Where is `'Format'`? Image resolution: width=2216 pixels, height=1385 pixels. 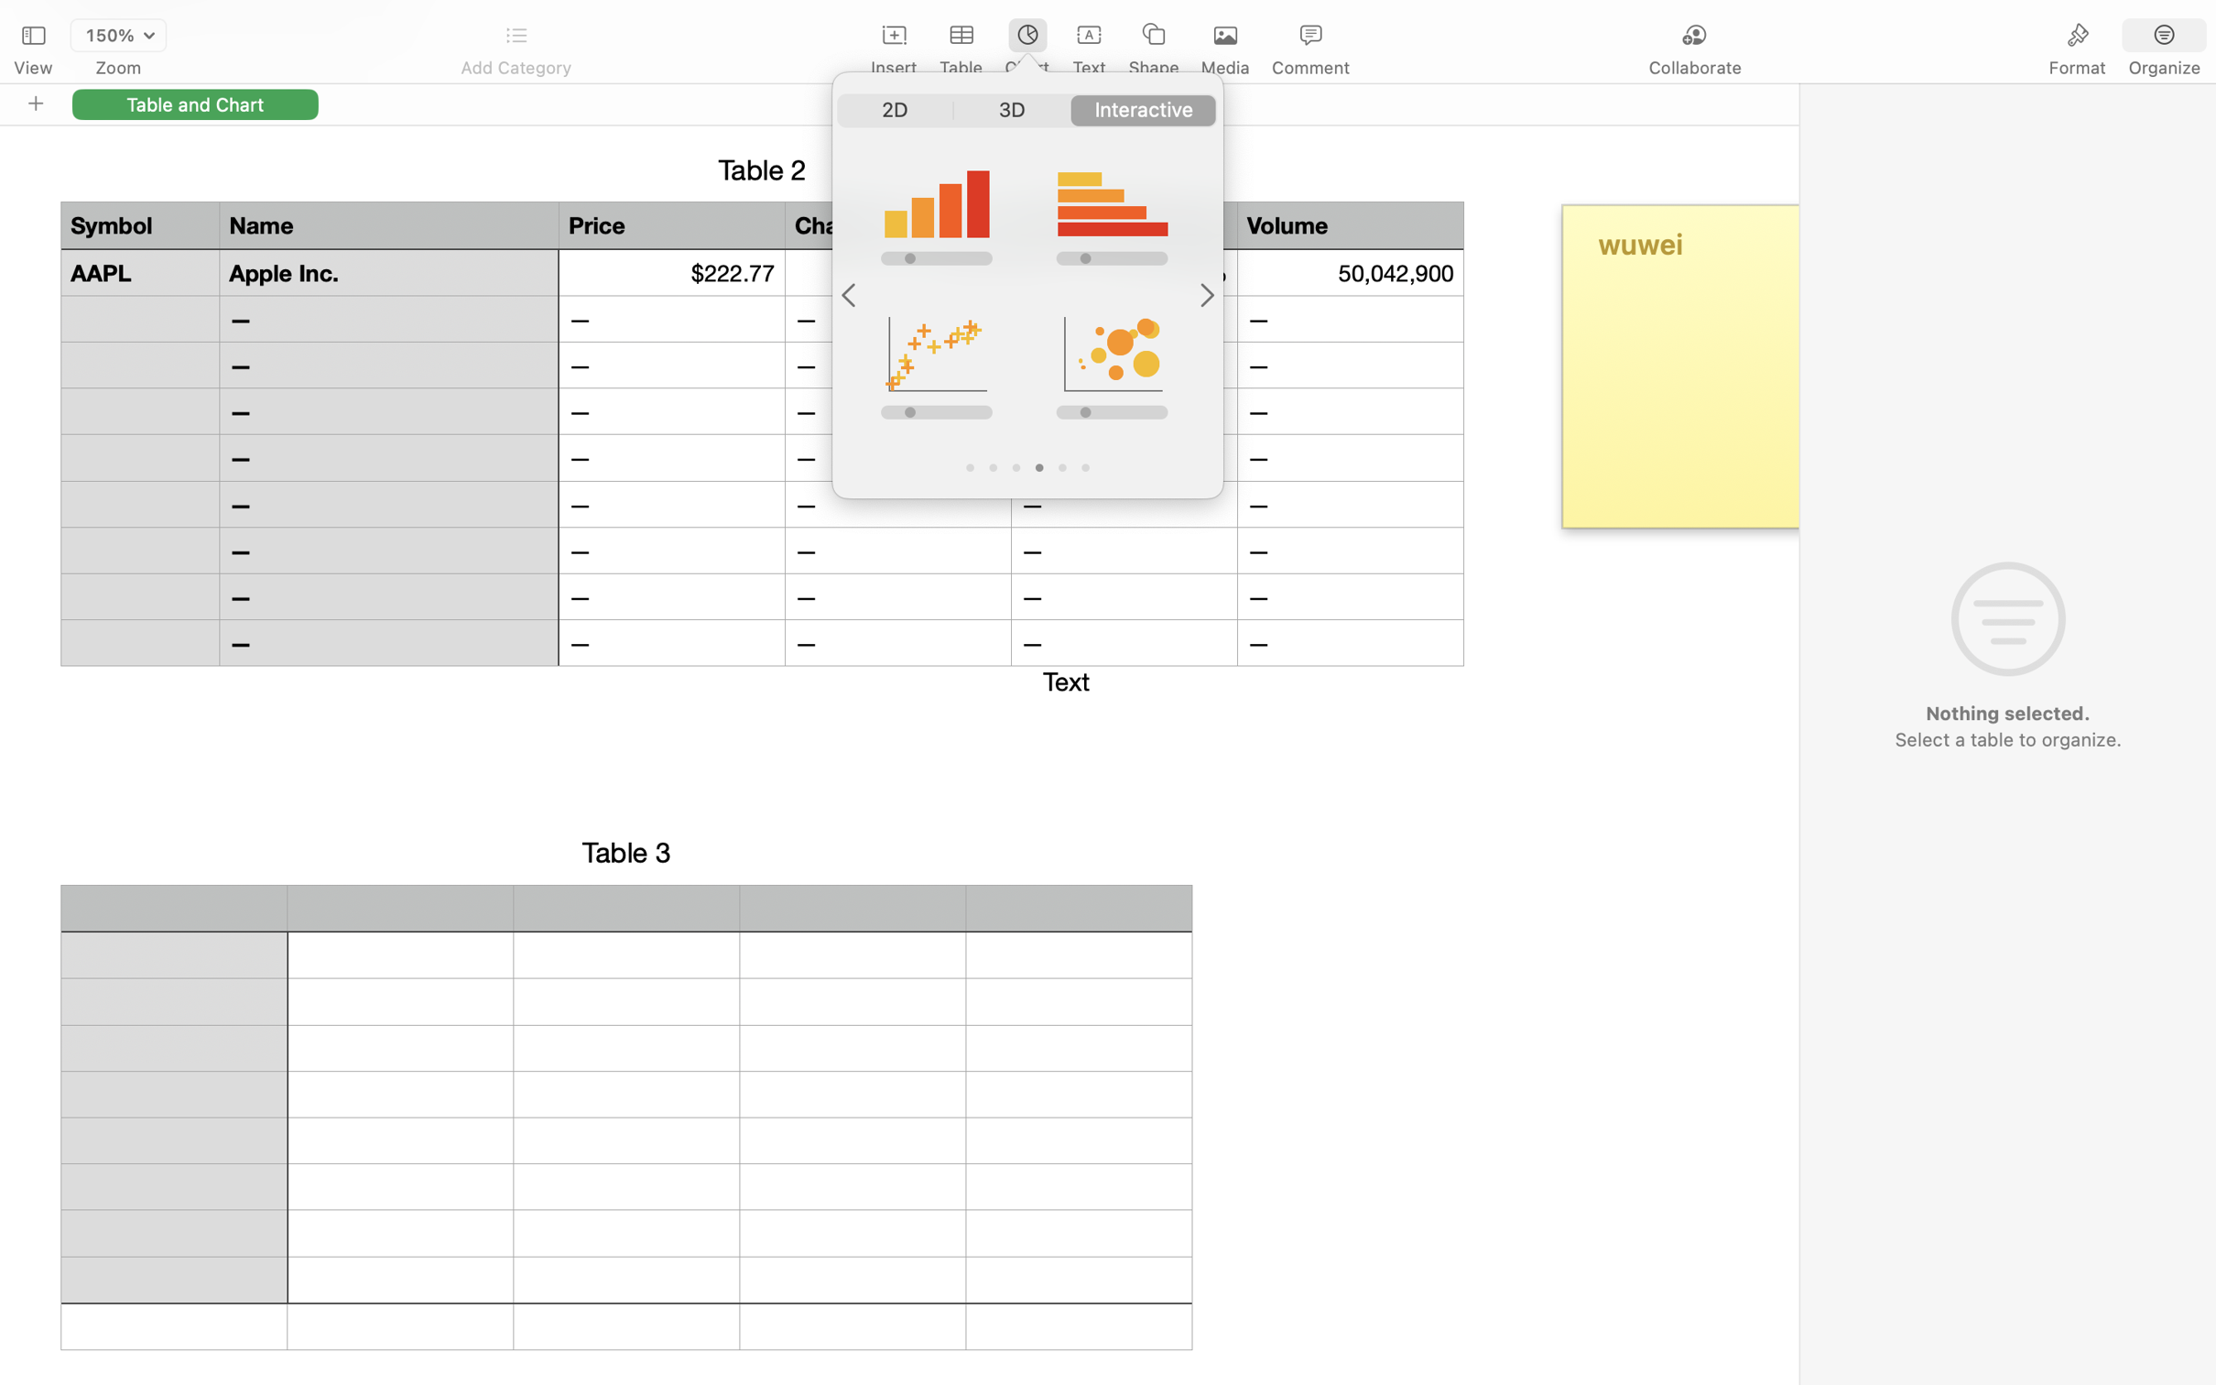 'Format' is located at coordinates (2078, 68).